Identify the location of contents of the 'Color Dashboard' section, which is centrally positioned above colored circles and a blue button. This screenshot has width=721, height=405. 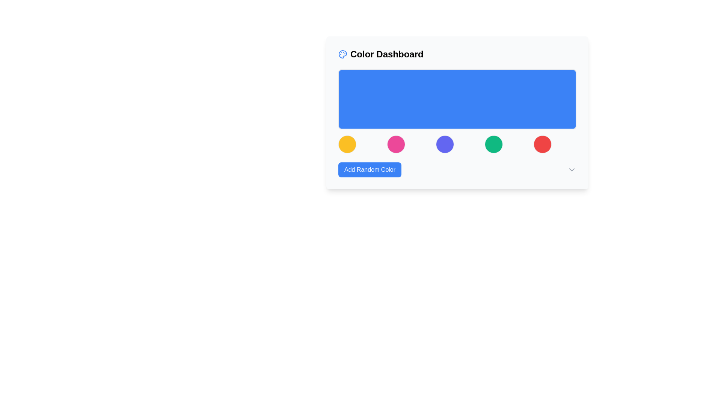
(457, 112).